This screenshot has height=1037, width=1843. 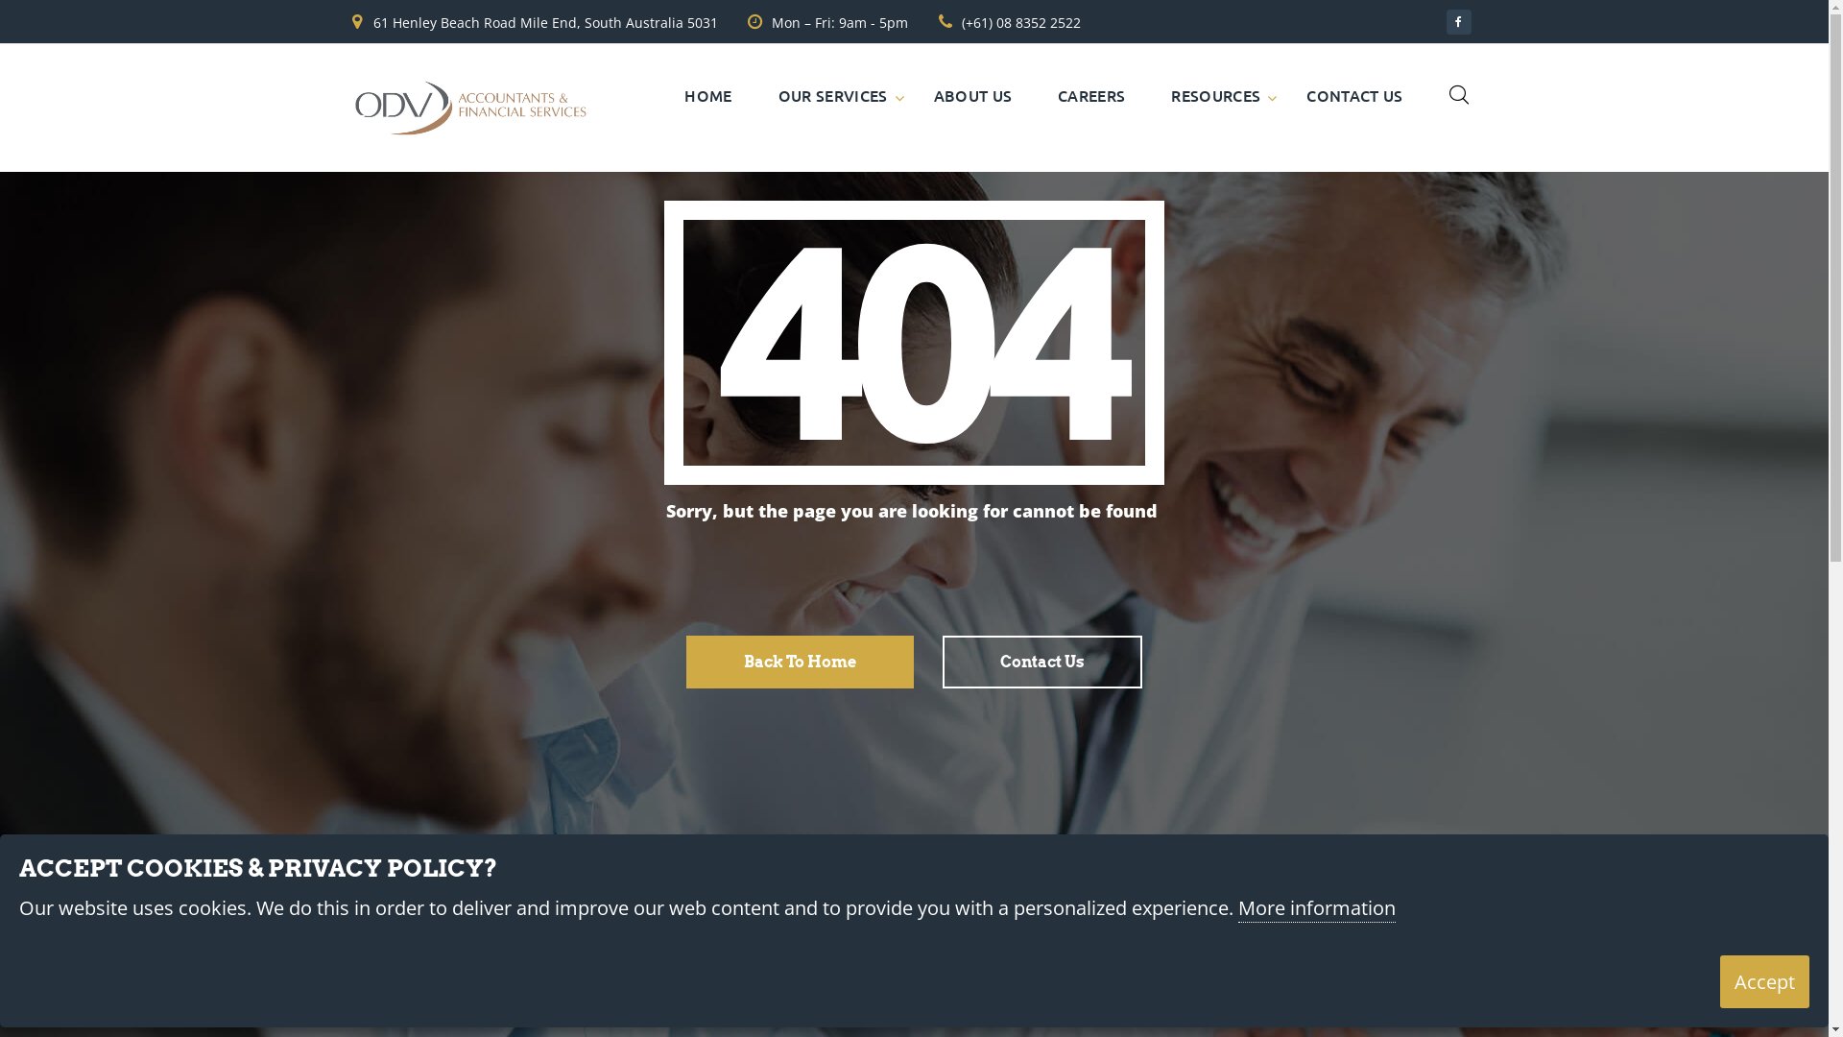 I want to click on 'More information', so click(x=1316, y=908).